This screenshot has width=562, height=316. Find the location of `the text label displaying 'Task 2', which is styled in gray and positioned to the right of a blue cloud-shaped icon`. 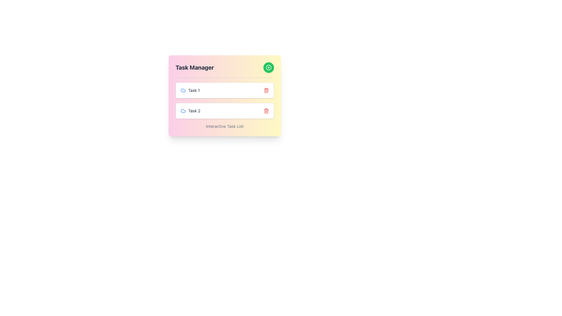

the text label displaying 'Task 2', which is styled in gray and positioned to the right of a blue cloud-shaped icon is located at coordinates (194, 111).